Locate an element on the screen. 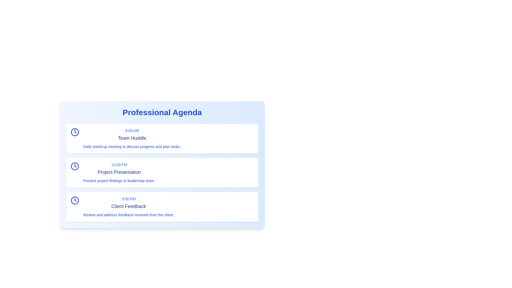 The width and height of the screenshot is (512, 288). the bold 'Client Feedback' header text that is visually distinct in a blue font, located between the timestamp '3:00 PM' and the descriptive text below it is located at coordinates (129, 206).